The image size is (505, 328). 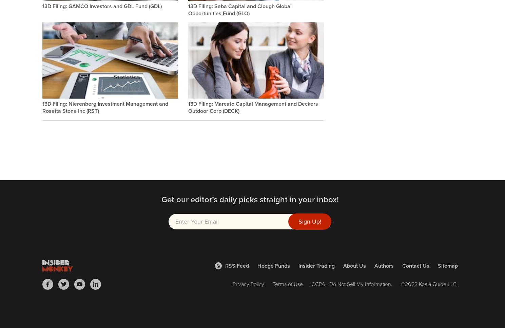 I want to click on 'Privacy Policy', so click(x=248, y=284).